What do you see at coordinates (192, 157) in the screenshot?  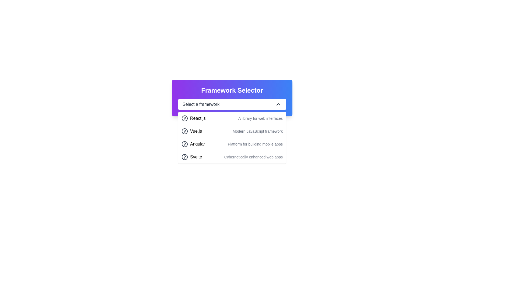 I see `the 'Svelte' option within the fourth item of the dropdown menu under the 'Framework Selector' header` at bounding box center [192, 157].